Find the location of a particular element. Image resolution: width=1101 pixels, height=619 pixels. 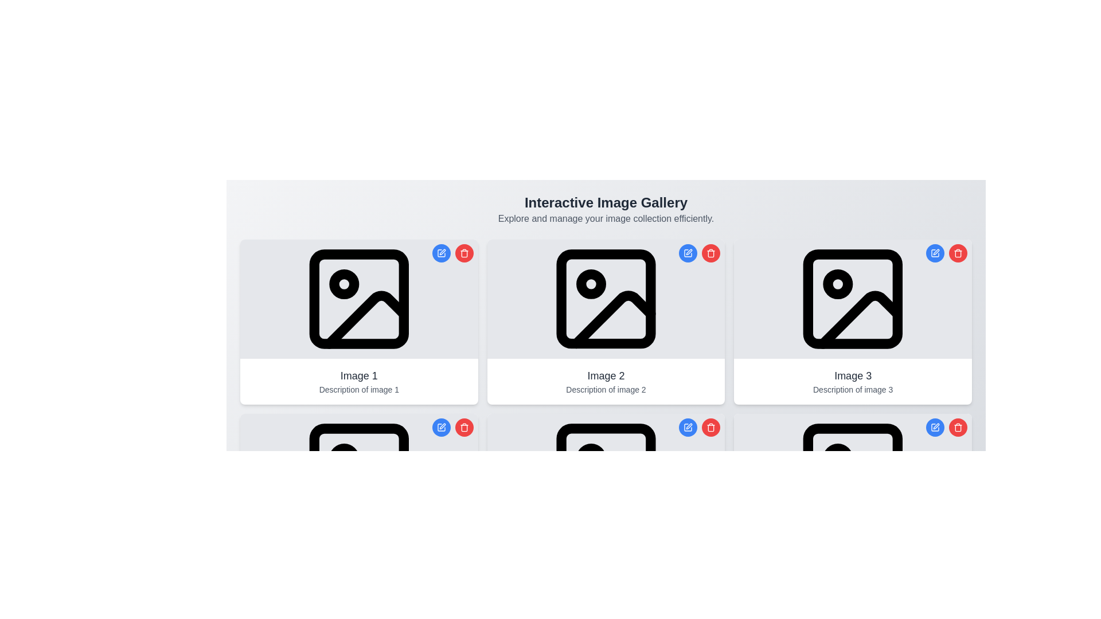

the Text label that provides a brief description of the image in the gallery, positioned beneath the title 'Image 3' is located at coordinates (853, 389).